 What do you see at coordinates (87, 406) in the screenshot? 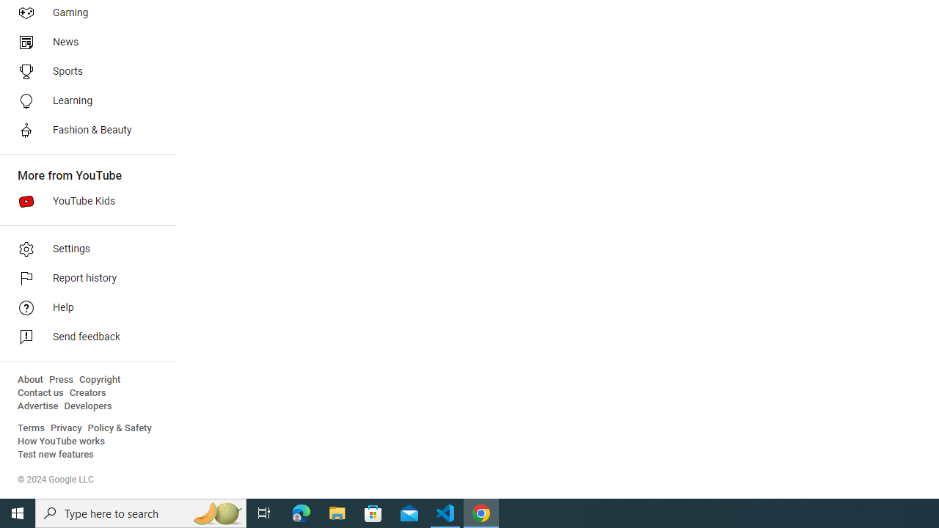
I see `'Developers'` at bounding box center [87, 406].